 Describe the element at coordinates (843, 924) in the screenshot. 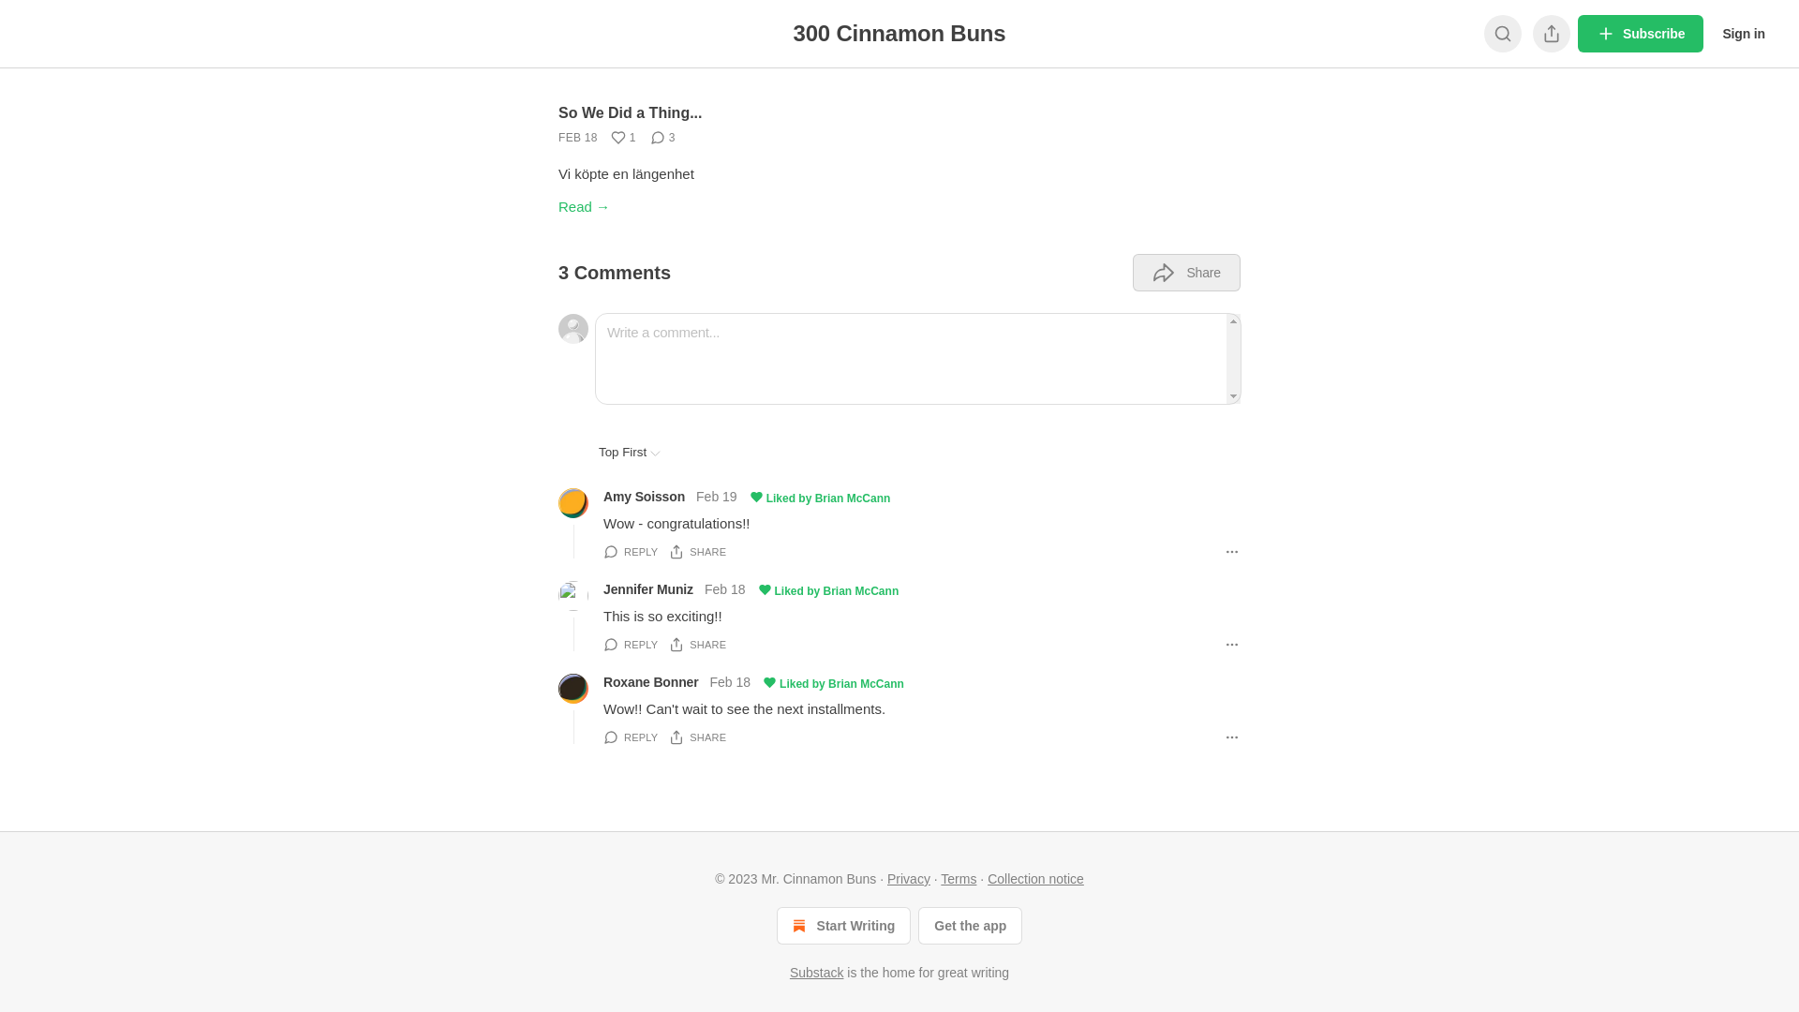

I see `'Start Writing'` at that location.